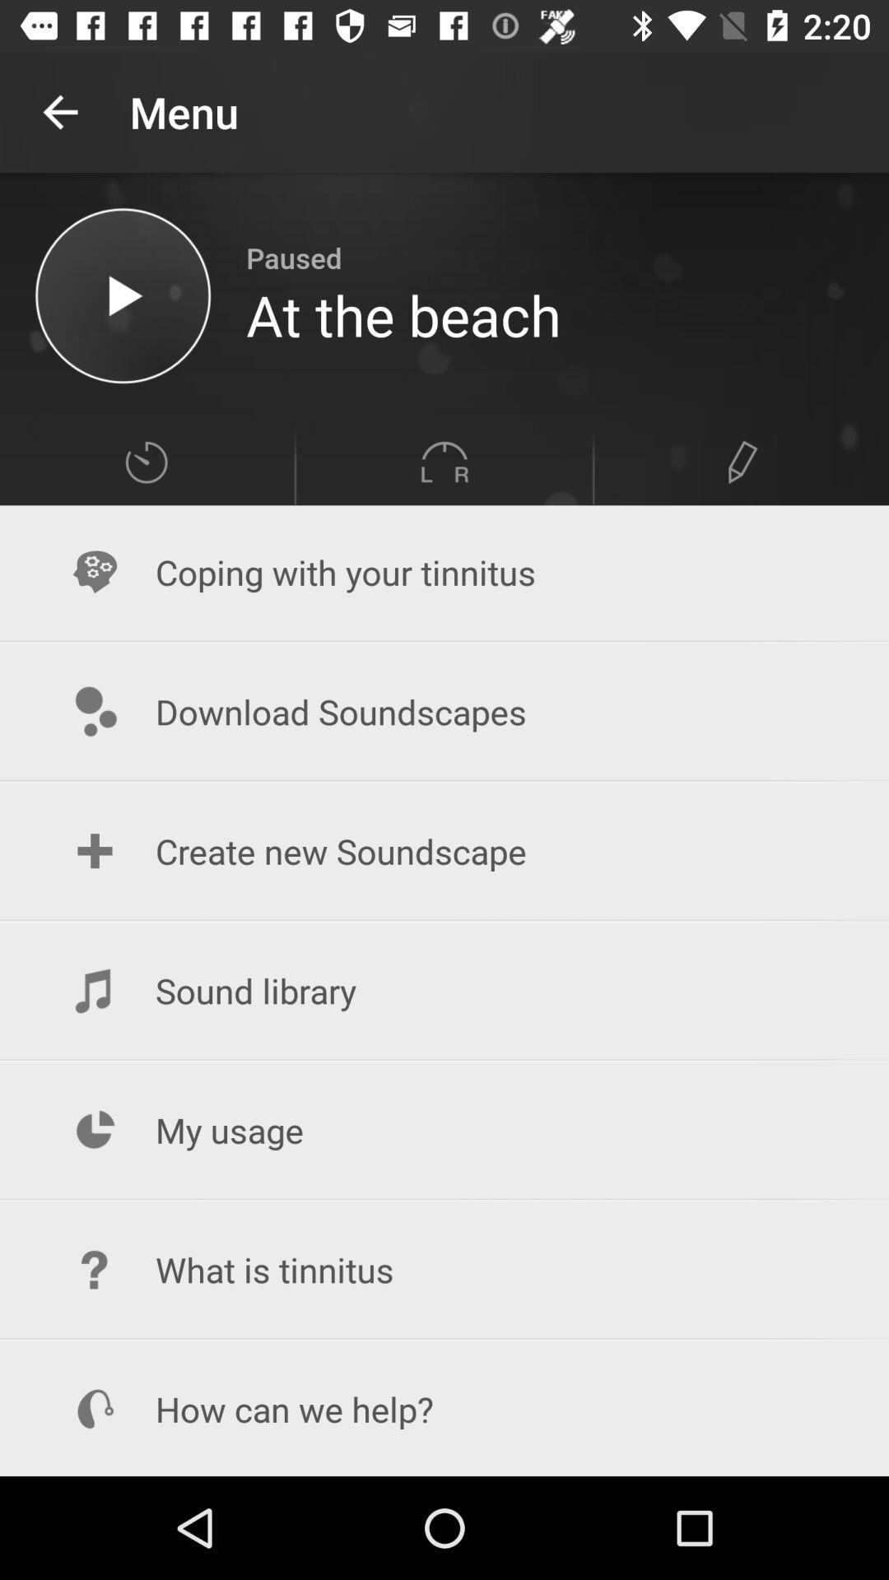 The width and height of the screenshot is (889, 1580). Describe the element at coordinates (145, 461) in the screenshot. I see `item above coping with your icon` at that location.